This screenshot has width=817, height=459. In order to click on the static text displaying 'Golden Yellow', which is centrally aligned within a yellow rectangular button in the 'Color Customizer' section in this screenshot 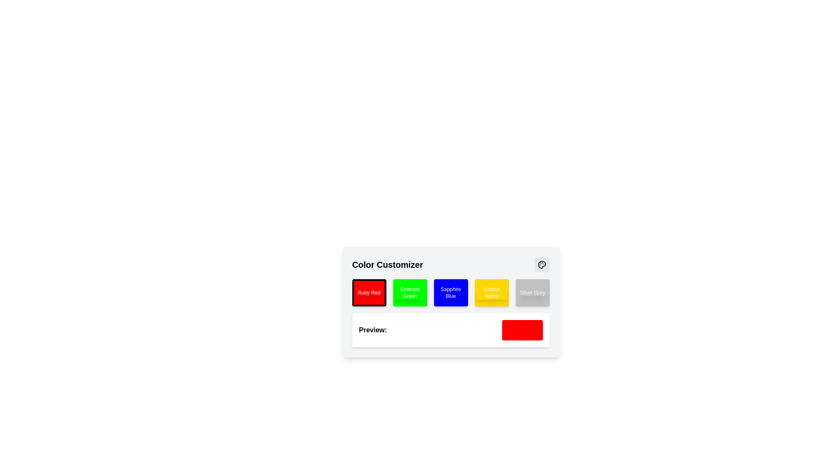, I will do `click(491, 292)`.